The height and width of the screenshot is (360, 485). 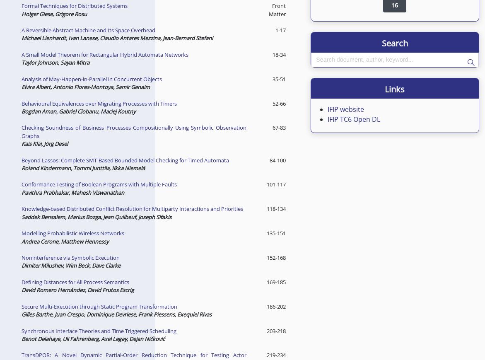 I want to click on 'Links', so click(x=394, y=88).